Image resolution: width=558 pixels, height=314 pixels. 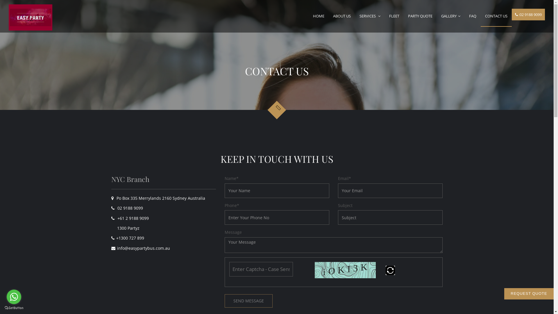 What do you see at coordinates (159, 198) in the screenshot?
I see `'Po Box 335 Merrylands 2160 Sydney Australia'` at bounding box center [159, 198].